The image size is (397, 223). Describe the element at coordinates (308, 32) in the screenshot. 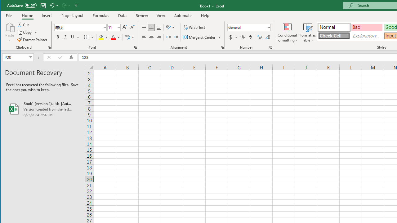

I see `'Format as Table'` at that location.